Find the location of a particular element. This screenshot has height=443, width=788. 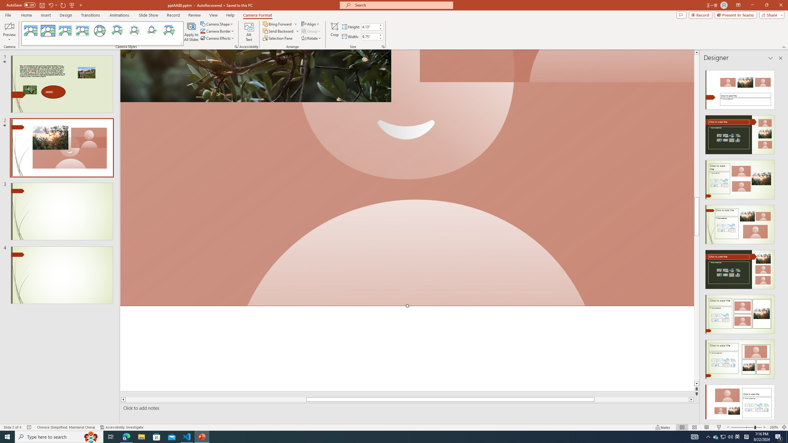

'Camera Border Teal, Accent 1' is located at coordinates (203, 30).